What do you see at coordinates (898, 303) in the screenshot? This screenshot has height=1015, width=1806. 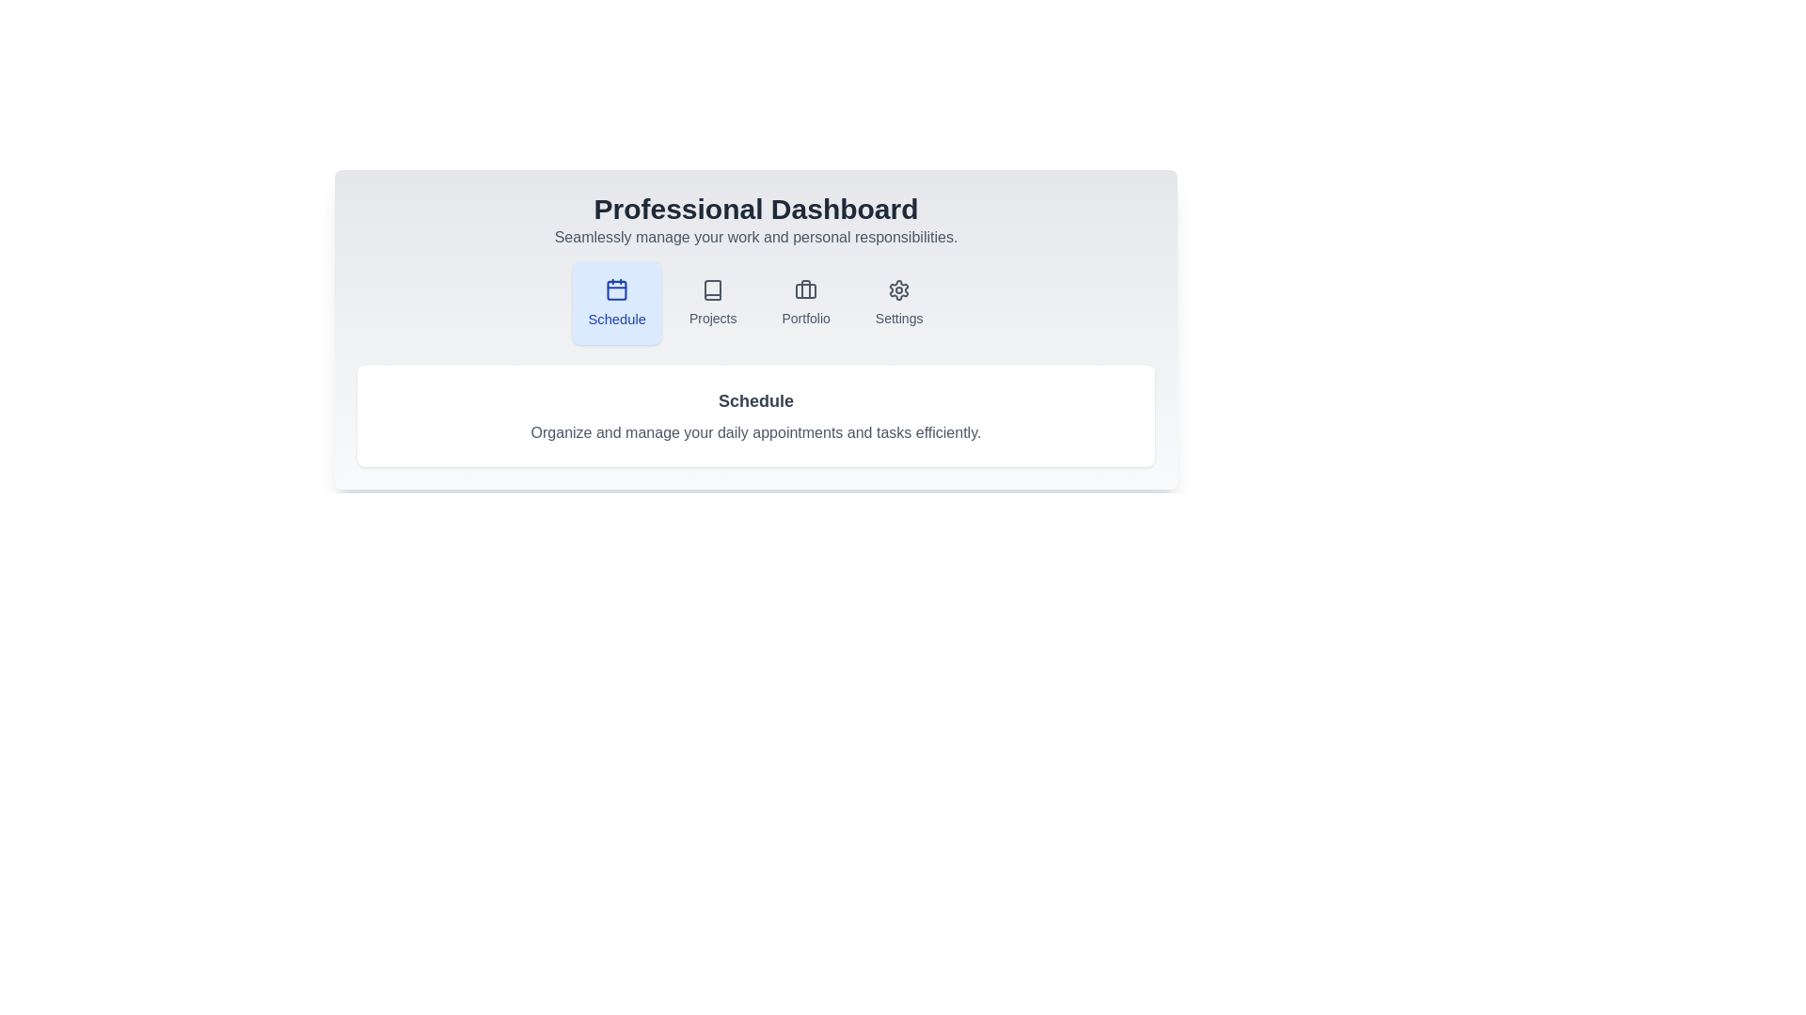 I see `the Settings tab to navigate to its content` at bounding box center [898, 303].